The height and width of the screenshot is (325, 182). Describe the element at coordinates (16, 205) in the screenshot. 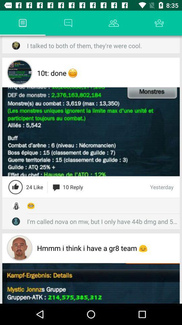

I see `move to the first icon mentioned below 24 likes` at that location.